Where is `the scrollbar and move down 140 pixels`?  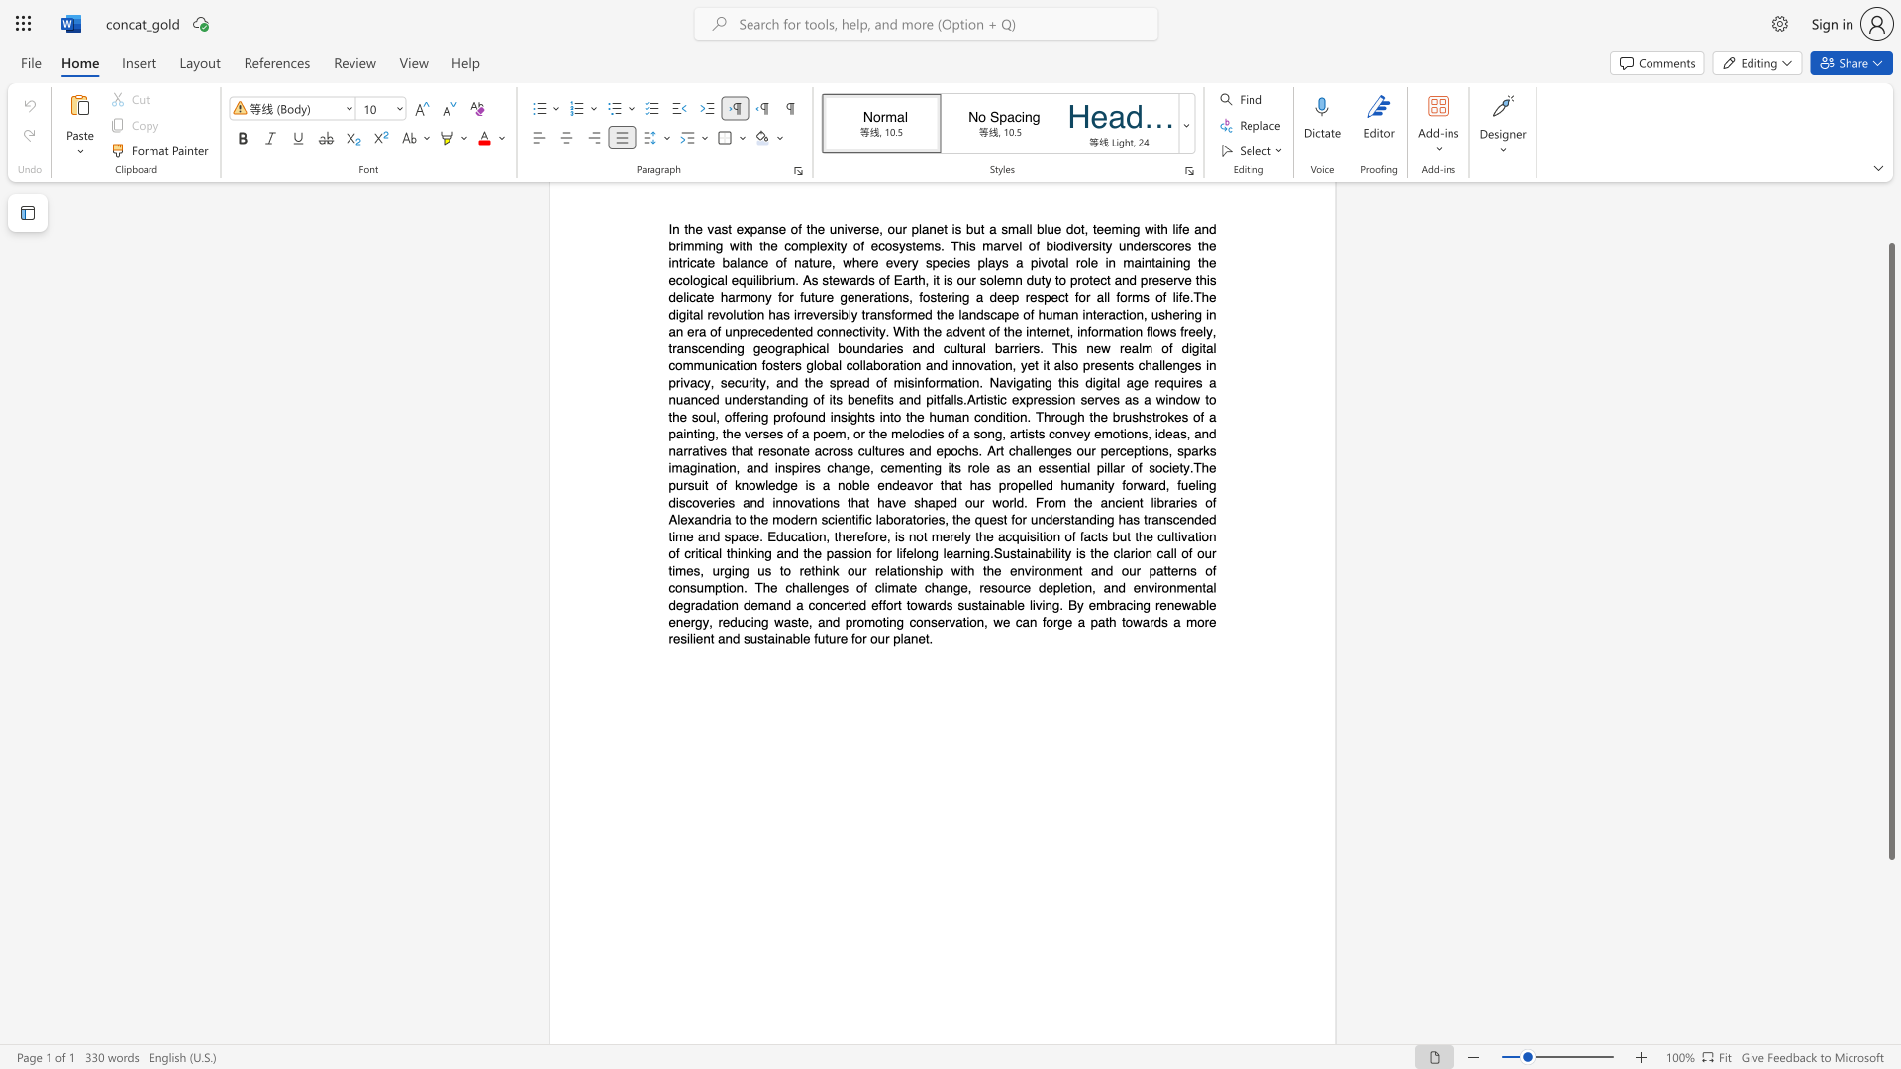 the scrollbar and move down 140 pixels is located at coordinates (1890, 551).